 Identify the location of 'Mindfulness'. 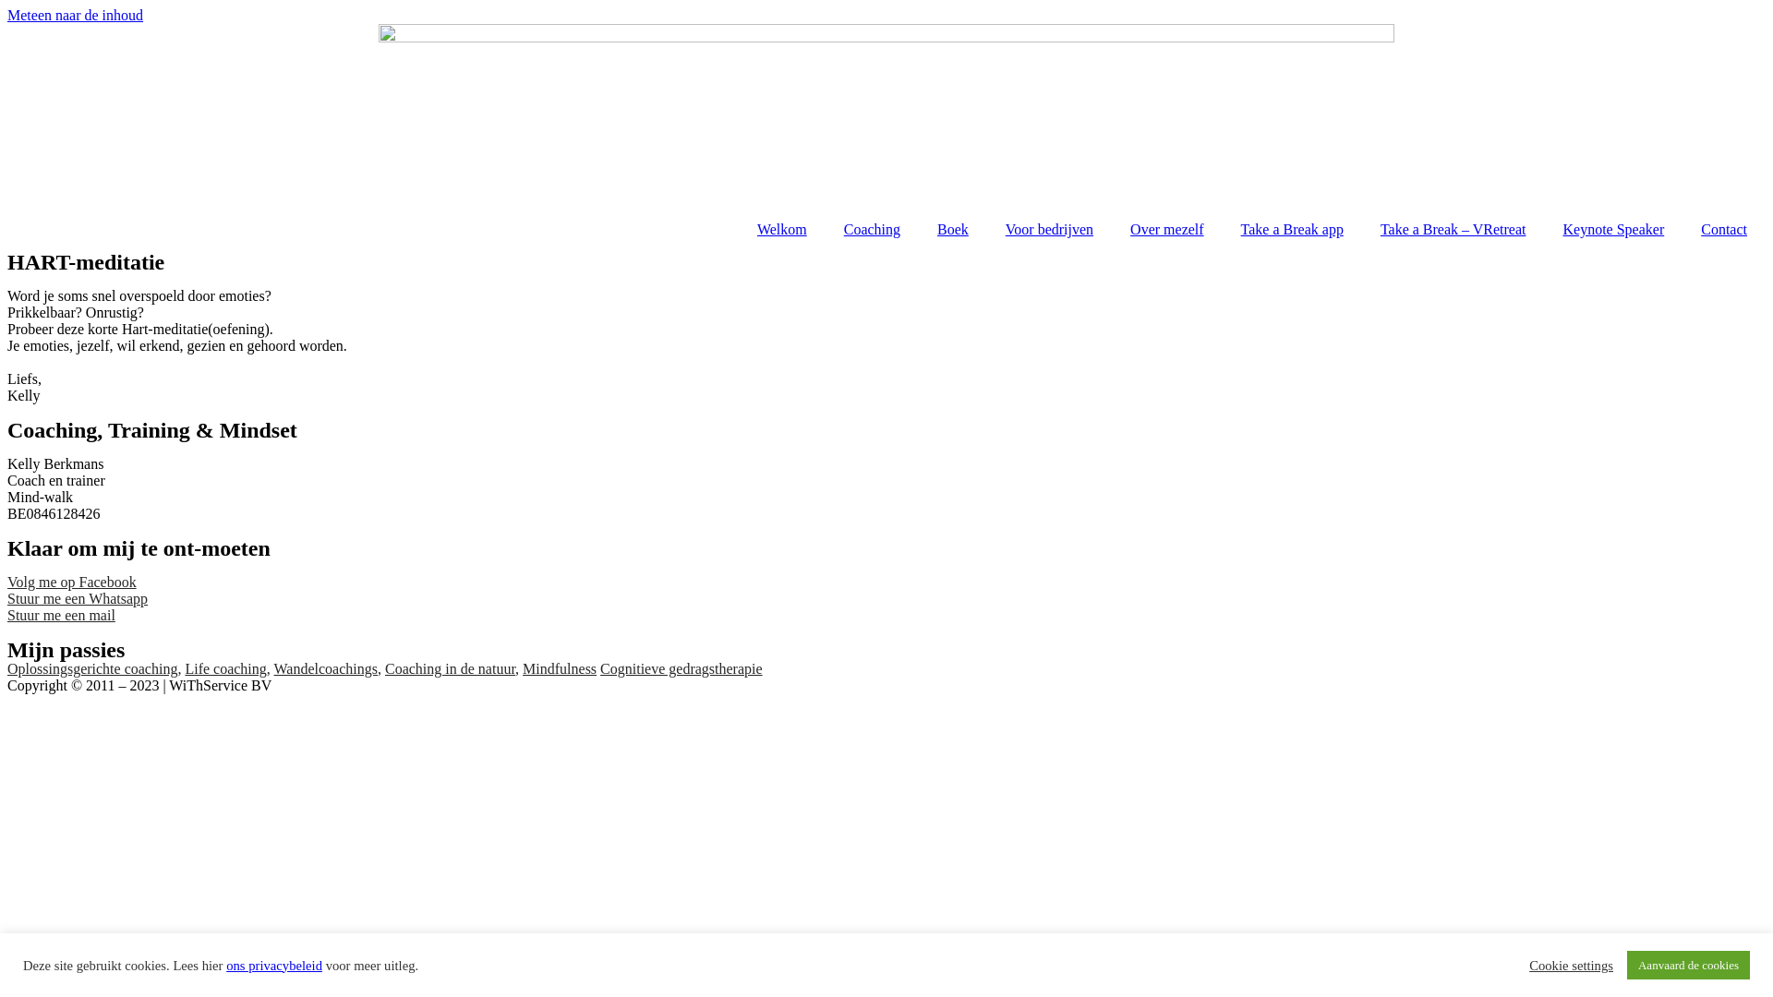
(558, 668).